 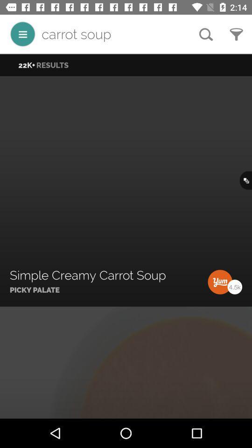 I want to click on the icon next to the carrot soup icon, so click(x=22, y=34).